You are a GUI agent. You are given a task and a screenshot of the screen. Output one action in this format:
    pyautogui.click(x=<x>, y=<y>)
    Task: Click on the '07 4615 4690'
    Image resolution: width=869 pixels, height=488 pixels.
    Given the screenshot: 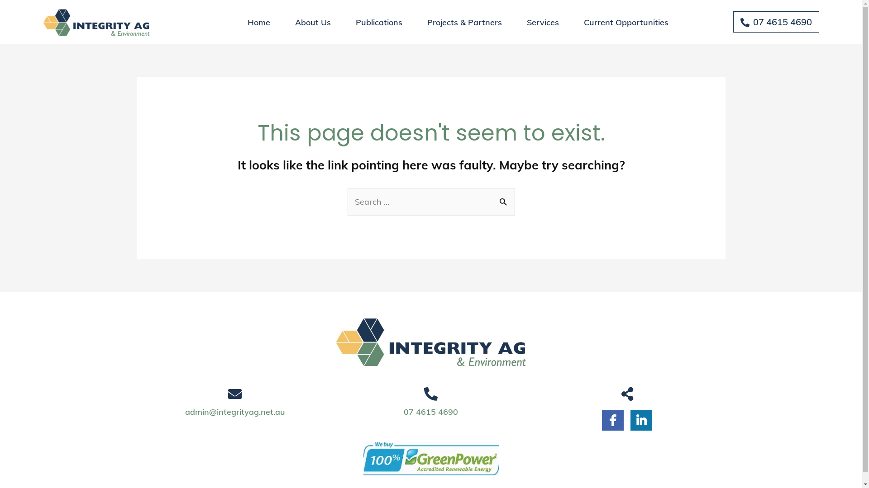 What is the action you would take?
    pyautogui.click(x=430, y=412)
    